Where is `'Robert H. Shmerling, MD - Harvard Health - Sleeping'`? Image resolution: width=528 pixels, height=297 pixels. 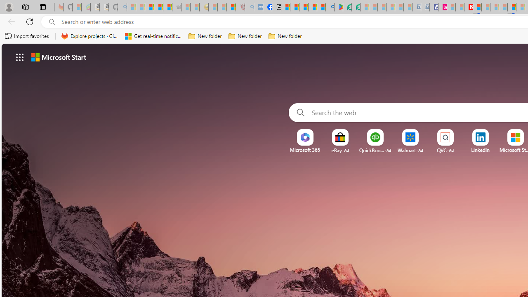 'Robert H. Shmerling, MD - Harvard Health - Sleeping' is located at coordinates (240, 7).